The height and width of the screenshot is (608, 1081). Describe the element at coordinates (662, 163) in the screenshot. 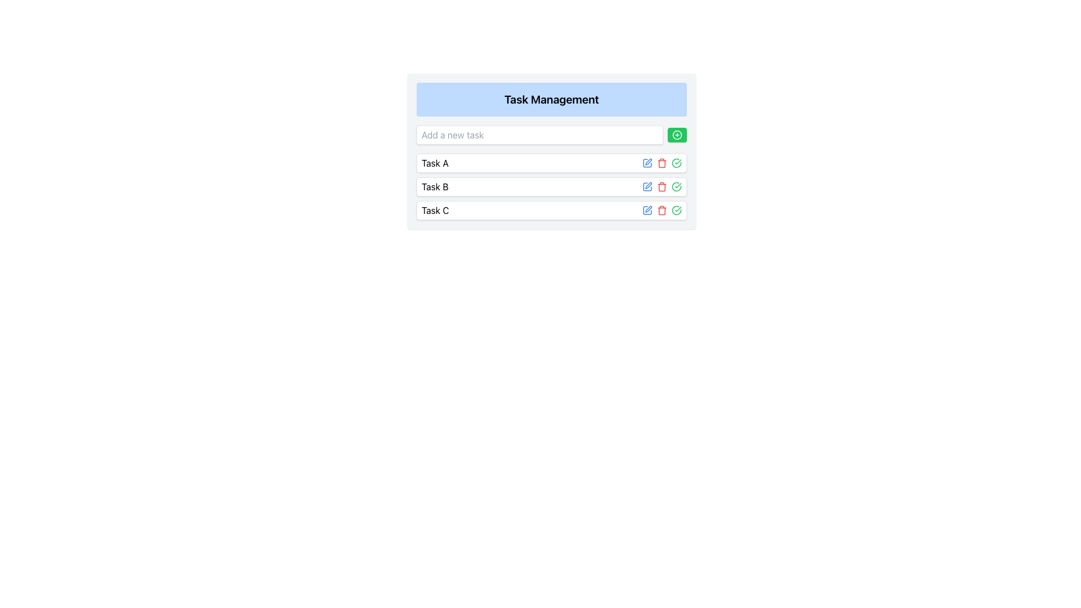

I see `the trash can icon, which is the second button from the right in the task item icons for 'Task A'` at that location.